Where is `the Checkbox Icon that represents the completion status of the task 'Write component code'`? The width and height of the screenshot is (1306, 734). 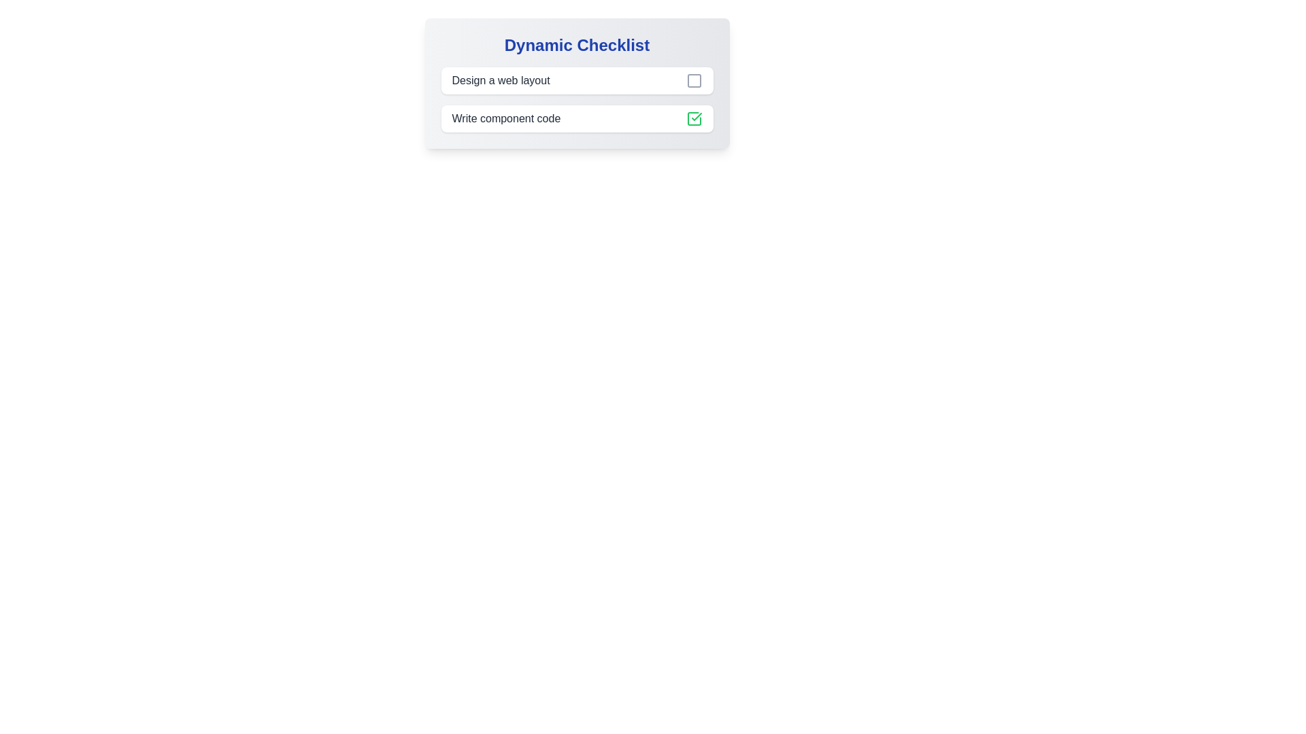 the Checkbox Icon that represents the completion status of the task 'Write component code' is located at coordinates (694, 118).